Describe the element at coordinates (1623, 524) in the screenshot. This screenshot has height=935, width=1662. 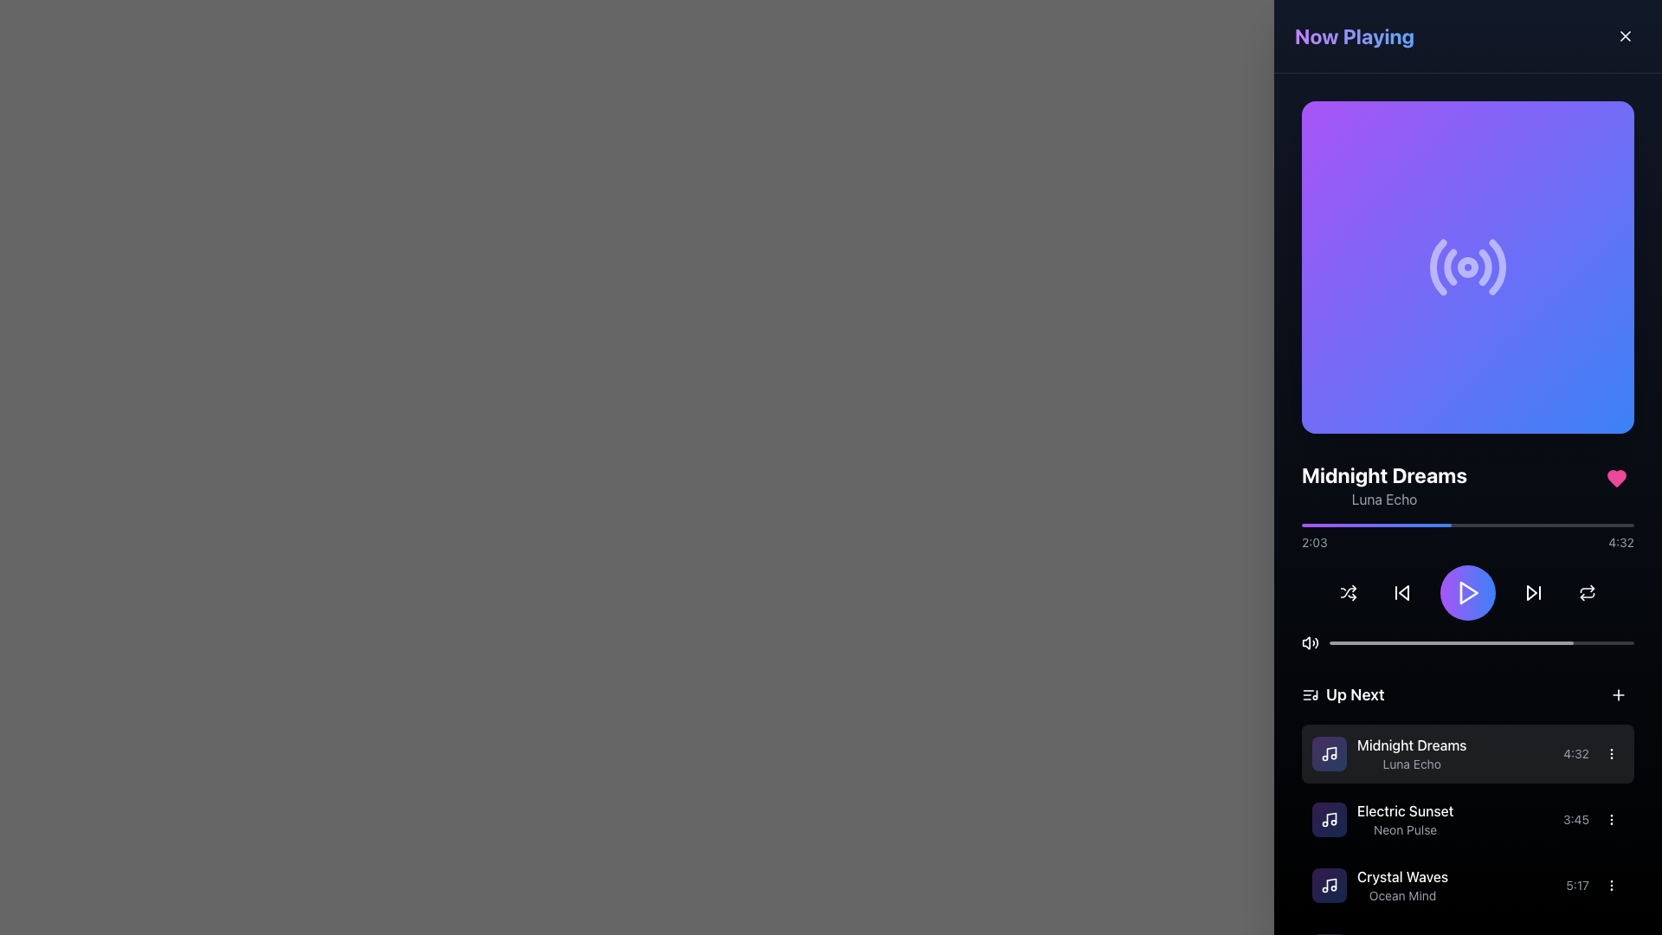
I see `the audio progress` at that location.